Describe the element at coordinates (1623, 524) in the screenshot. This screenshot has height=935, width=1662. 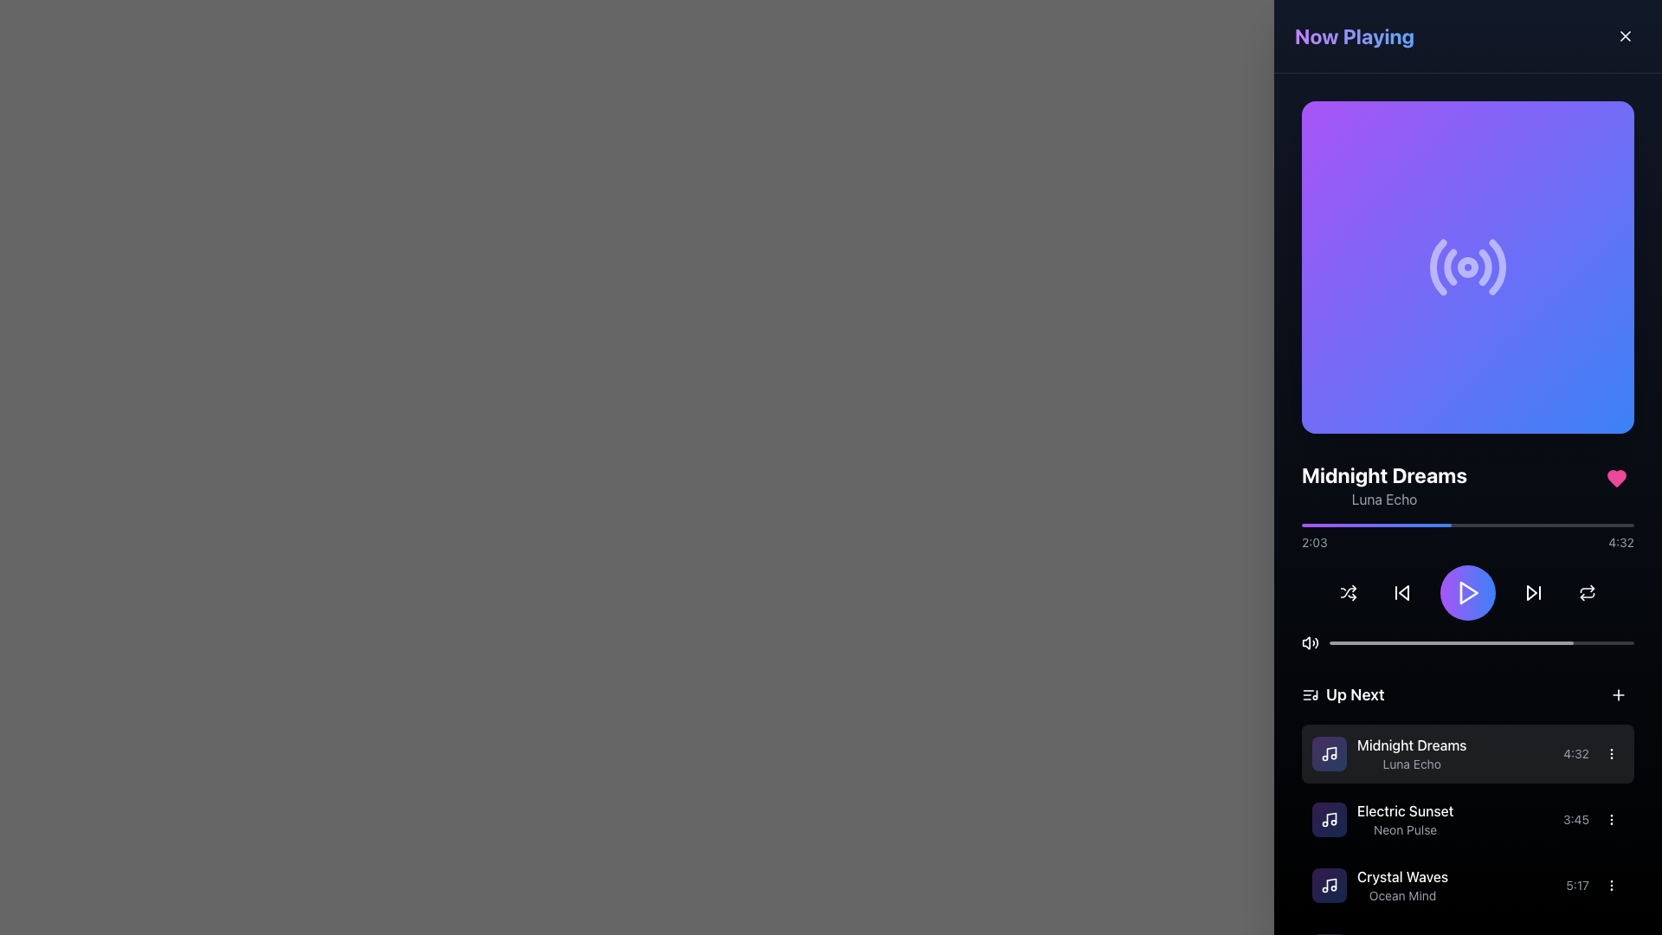
I see `the audio progress` at that location.